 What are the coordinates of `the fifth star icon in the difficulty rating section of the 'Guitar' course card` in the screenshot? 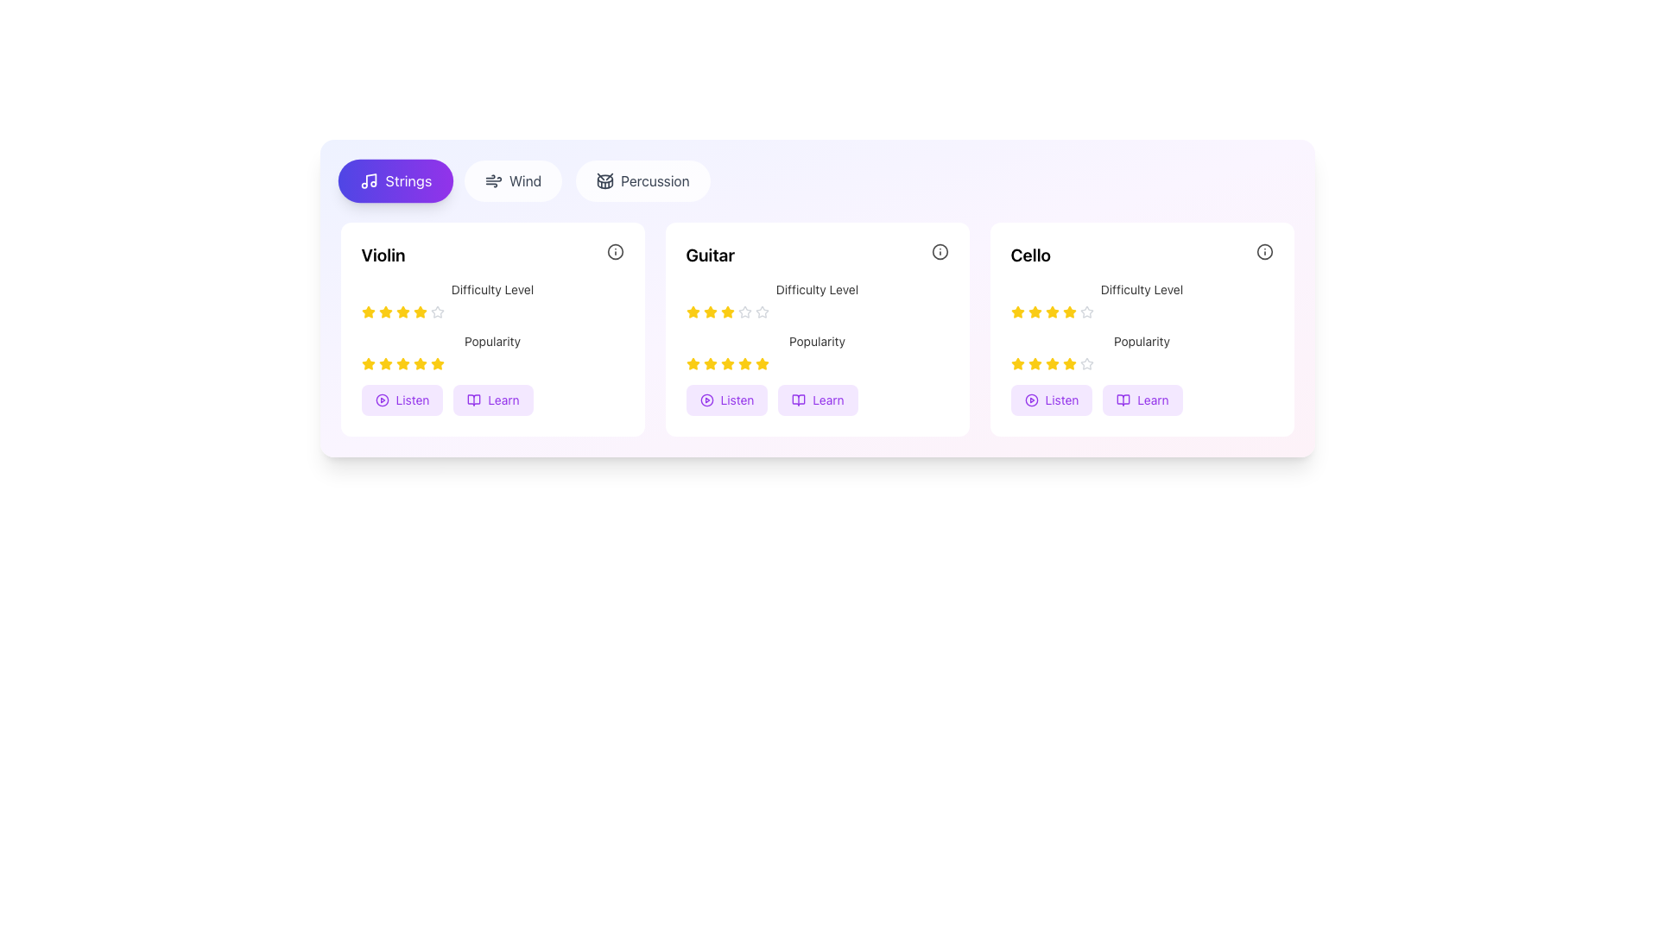 It's located at (744, 312).